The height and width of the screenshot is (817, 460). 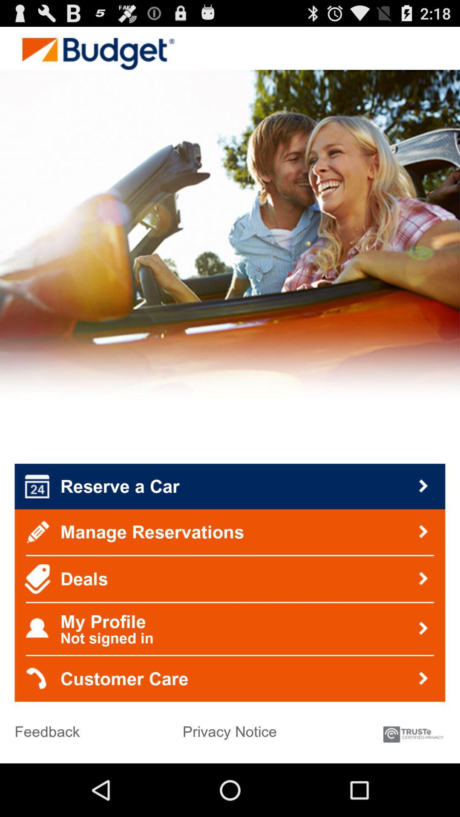 What do you see at coordinates (230, 678) in the screenshot?
I see `customer care item` at bounding box center [230, 678].